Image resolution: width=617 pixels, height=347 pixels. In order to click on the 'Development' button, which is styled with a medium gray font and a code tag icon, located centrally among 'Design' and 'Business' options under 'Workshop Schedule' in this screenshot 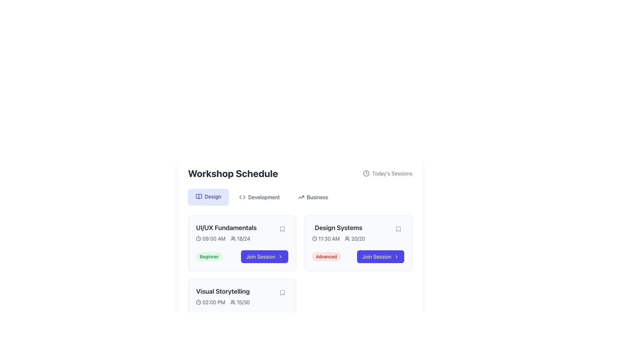, I will do `click(259, 197)`.